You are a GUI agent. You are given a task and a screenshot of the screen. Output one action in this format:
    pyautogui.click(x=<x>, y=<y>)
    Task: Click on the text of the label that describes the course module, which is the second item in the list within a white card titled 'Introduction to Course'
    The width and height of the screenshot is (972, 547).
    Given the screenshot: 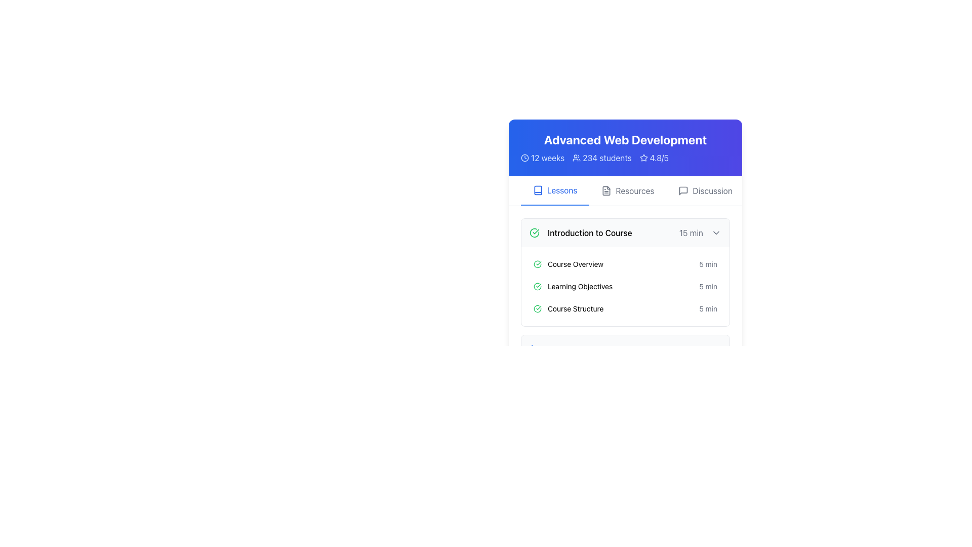 What is the action you would take?
    pyautogui.click(x=569, y=263)
    